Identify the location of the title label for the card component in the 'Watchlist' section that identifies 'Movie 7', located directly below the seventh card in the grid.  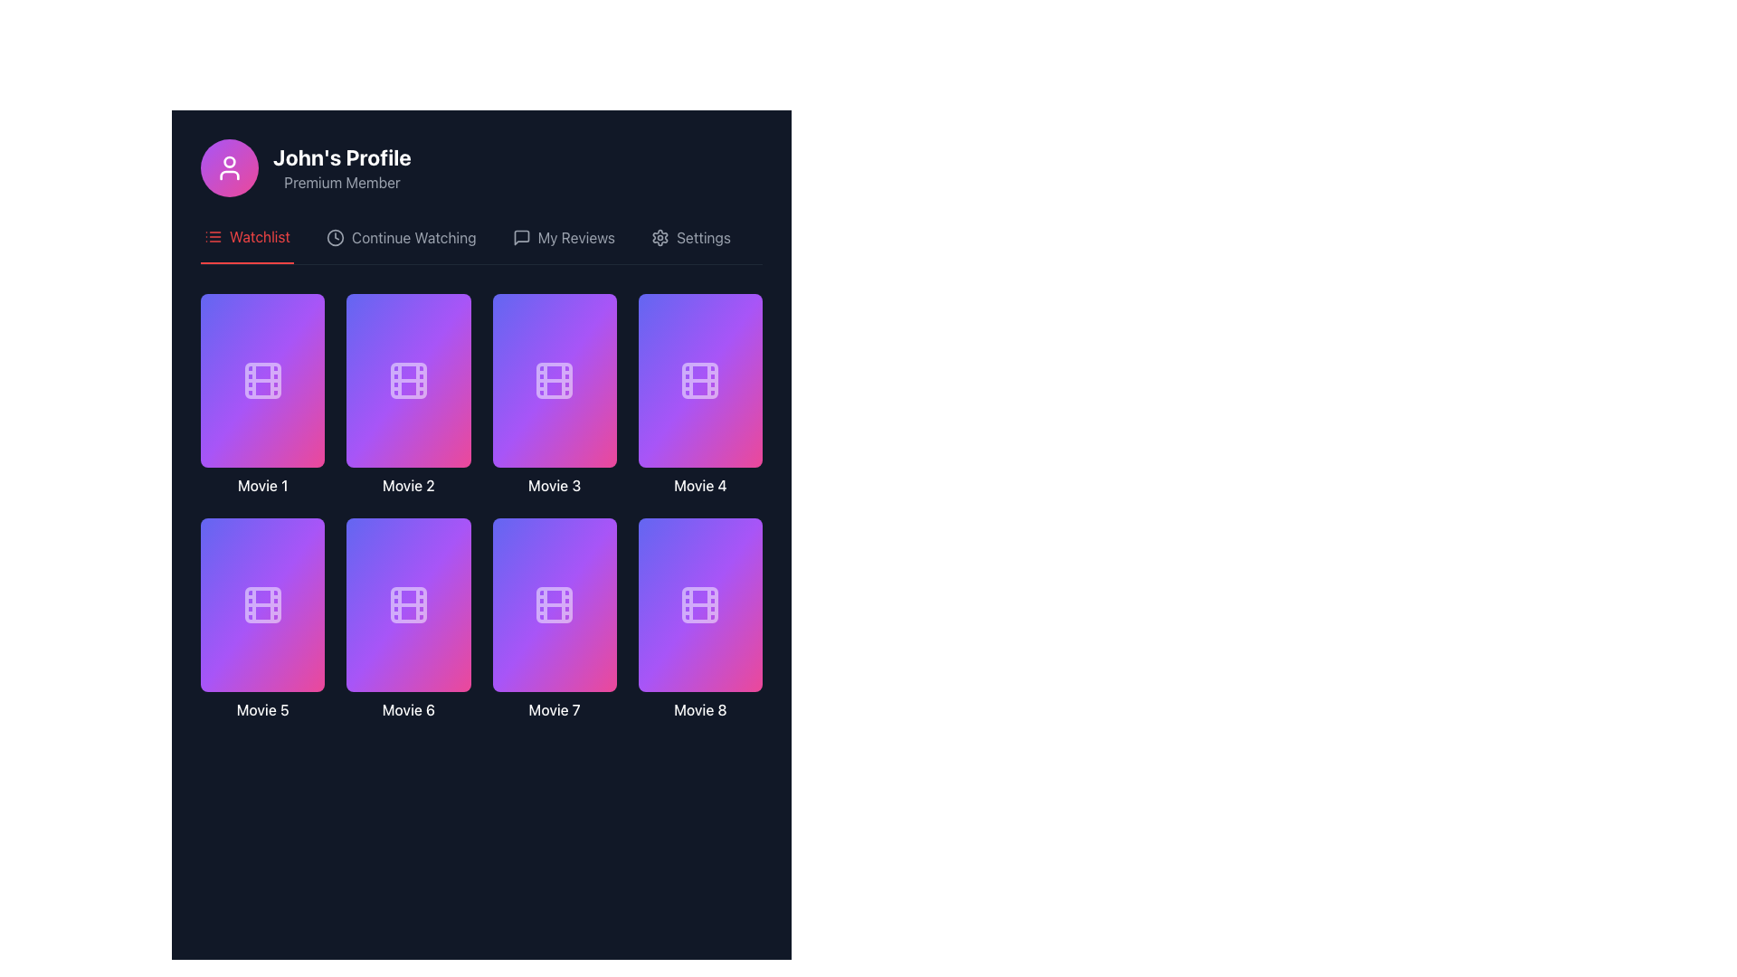
(554, 709).